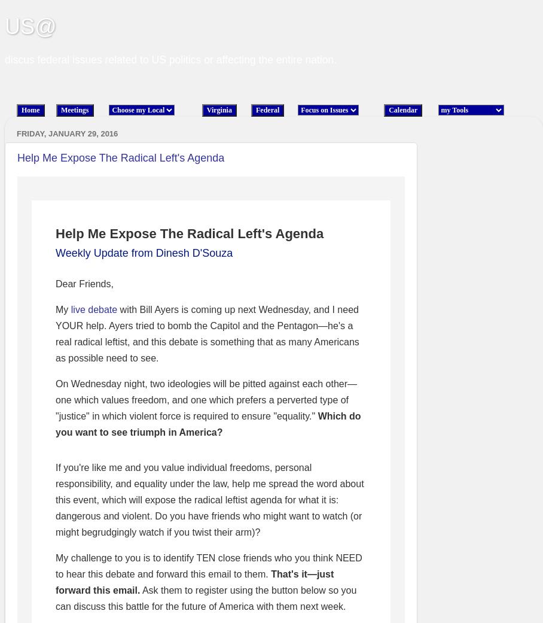  I want to click on 'My challenge to you is to identify TEN close friends who you think NEED to hear this debate and forward this email to them.', so click(209, 566).